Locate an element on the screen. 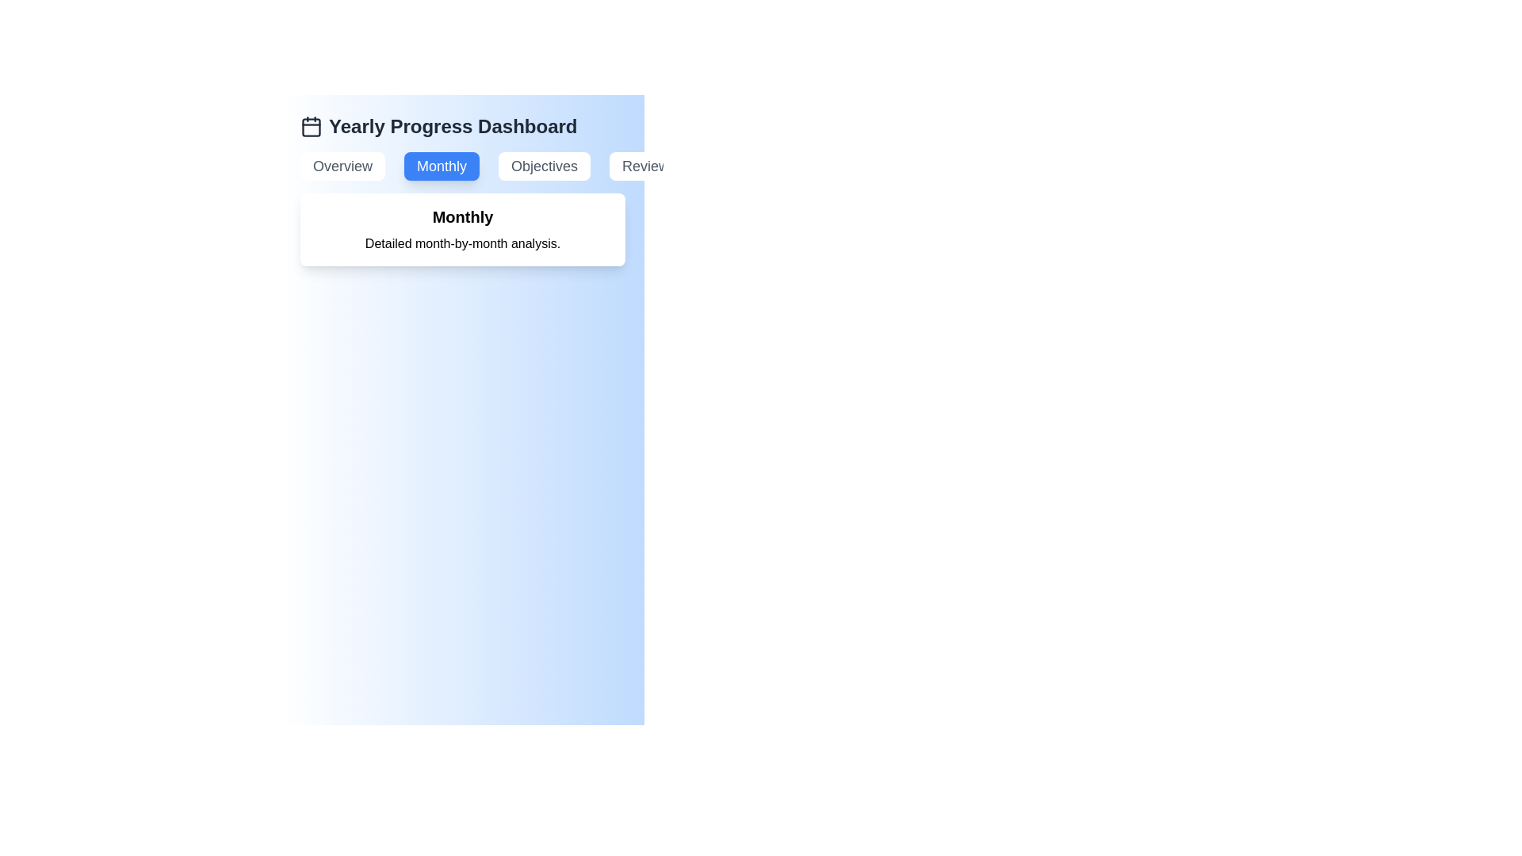 This screenshot has height=856, width=1522. the calendar icon to open the calendar view is located at coordinates (312, 125).